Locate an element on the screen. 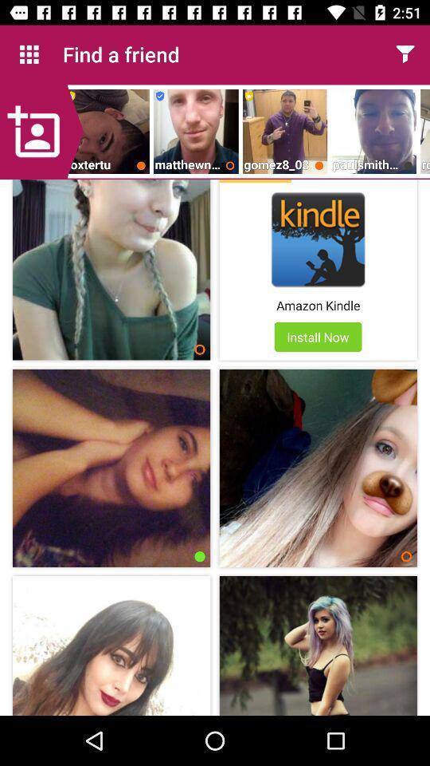  advertisement link button is located at coordinates (318, 239).